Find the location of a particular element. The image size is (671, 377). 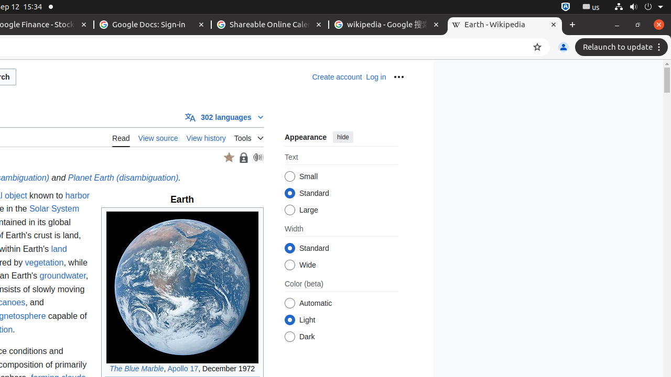

'Google Docs: Sign-in - Memory usage - 33.3 MB' is located at coordinates (151, 24).